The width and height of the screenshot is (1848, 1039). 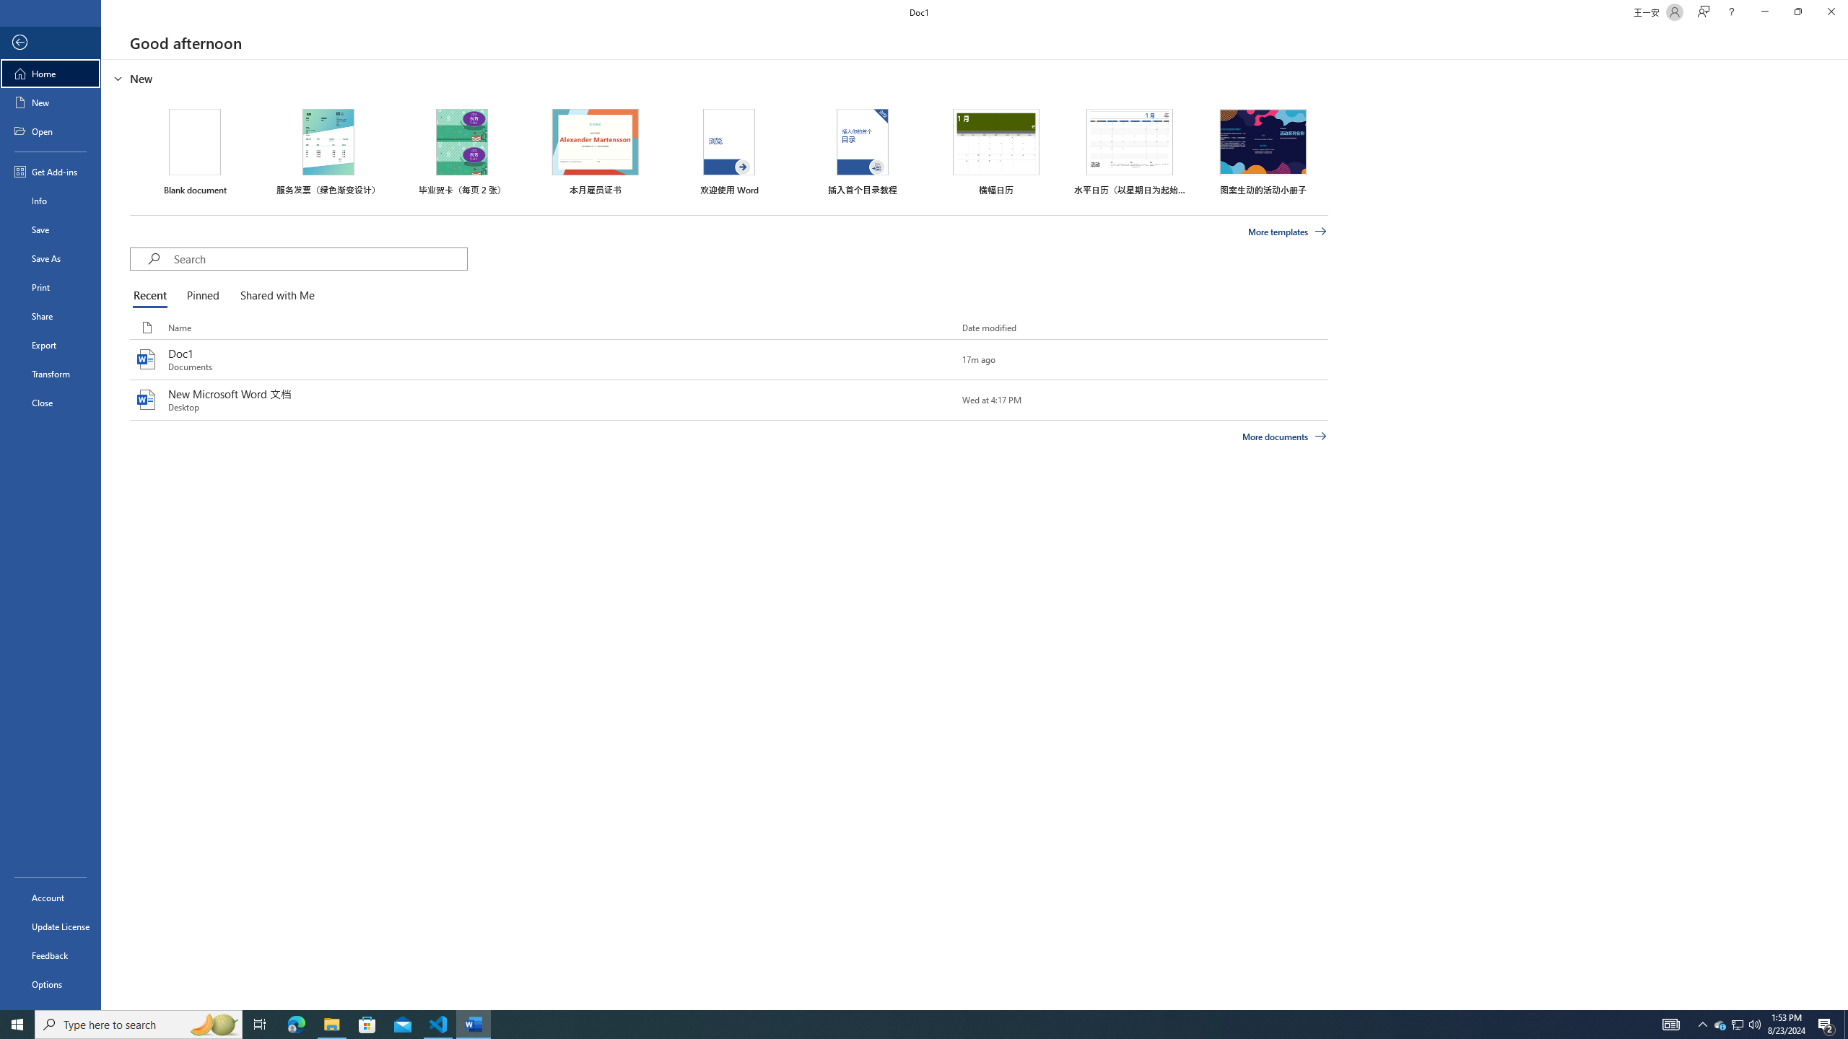 What do you see at coordinates (152, 296) in the screenshot?
I see `'Recent'` at bounding box center [152, 296].